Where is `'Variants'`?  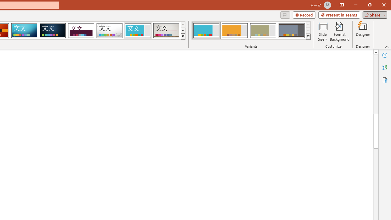 'Variants' is located at coordinates (308, 37).